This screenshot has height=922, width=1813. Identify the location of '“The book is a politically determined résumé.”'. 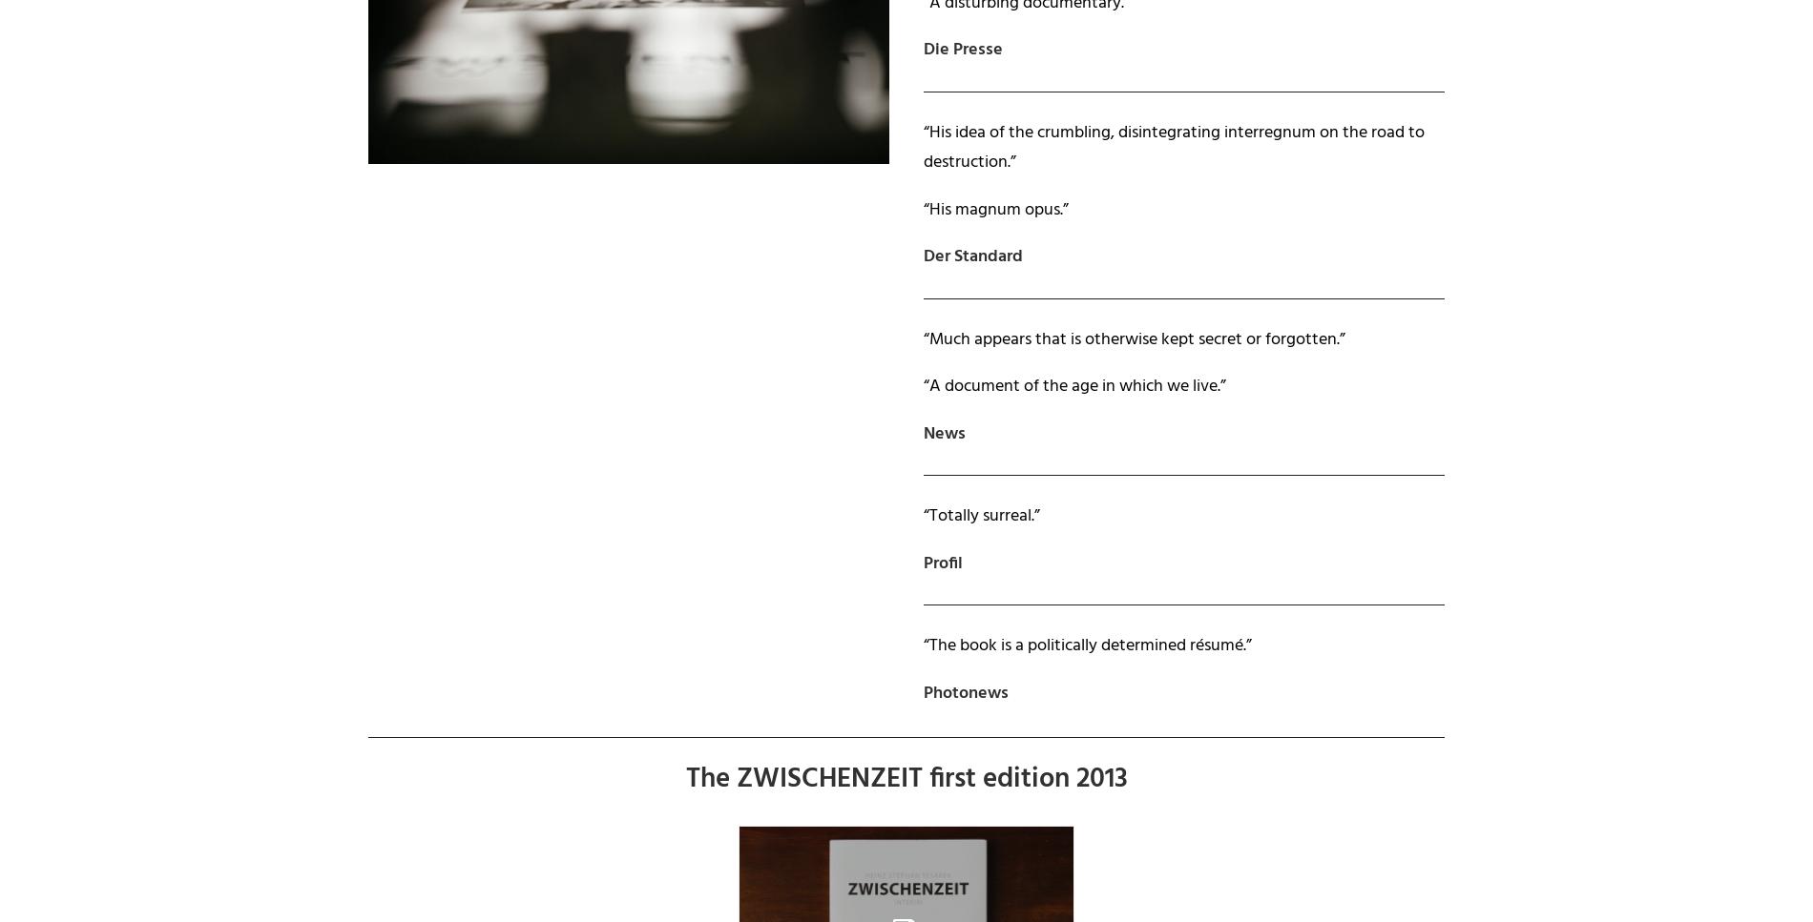
(1088, 645).